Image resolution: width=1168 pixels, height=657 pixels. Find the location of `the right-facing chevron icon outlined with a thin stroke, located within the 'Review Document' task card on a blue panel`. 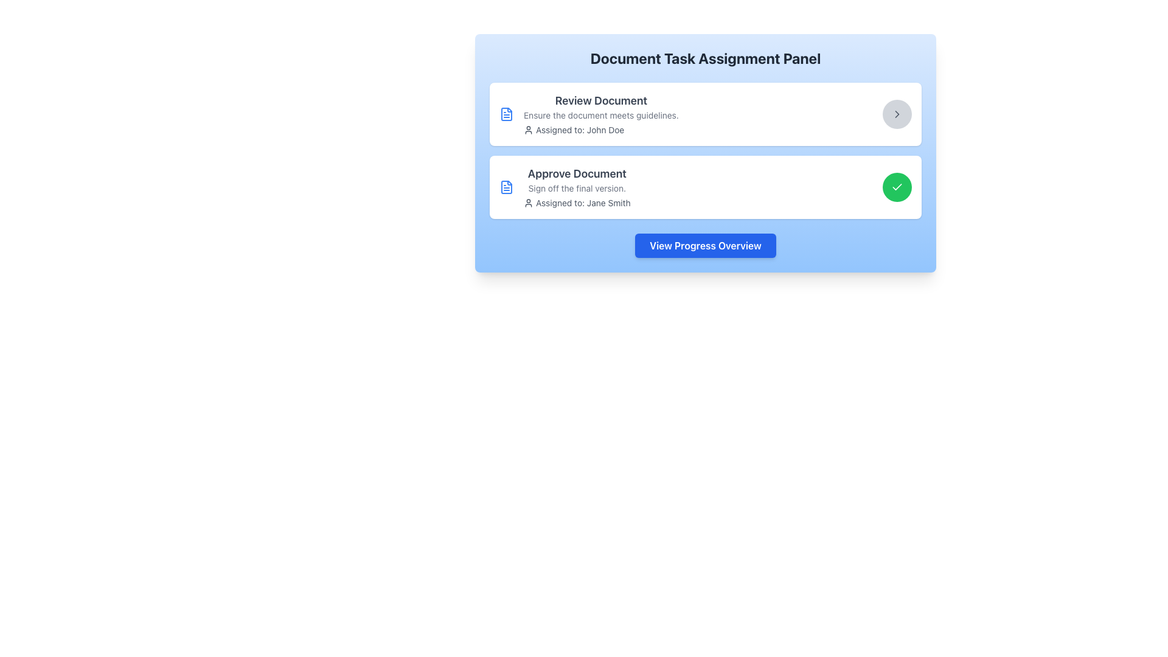

the right-facing chevron icon outlined with a thin stroke, located within the 'Review Document' task card on a blue panel is located at coordinates (897, 114).